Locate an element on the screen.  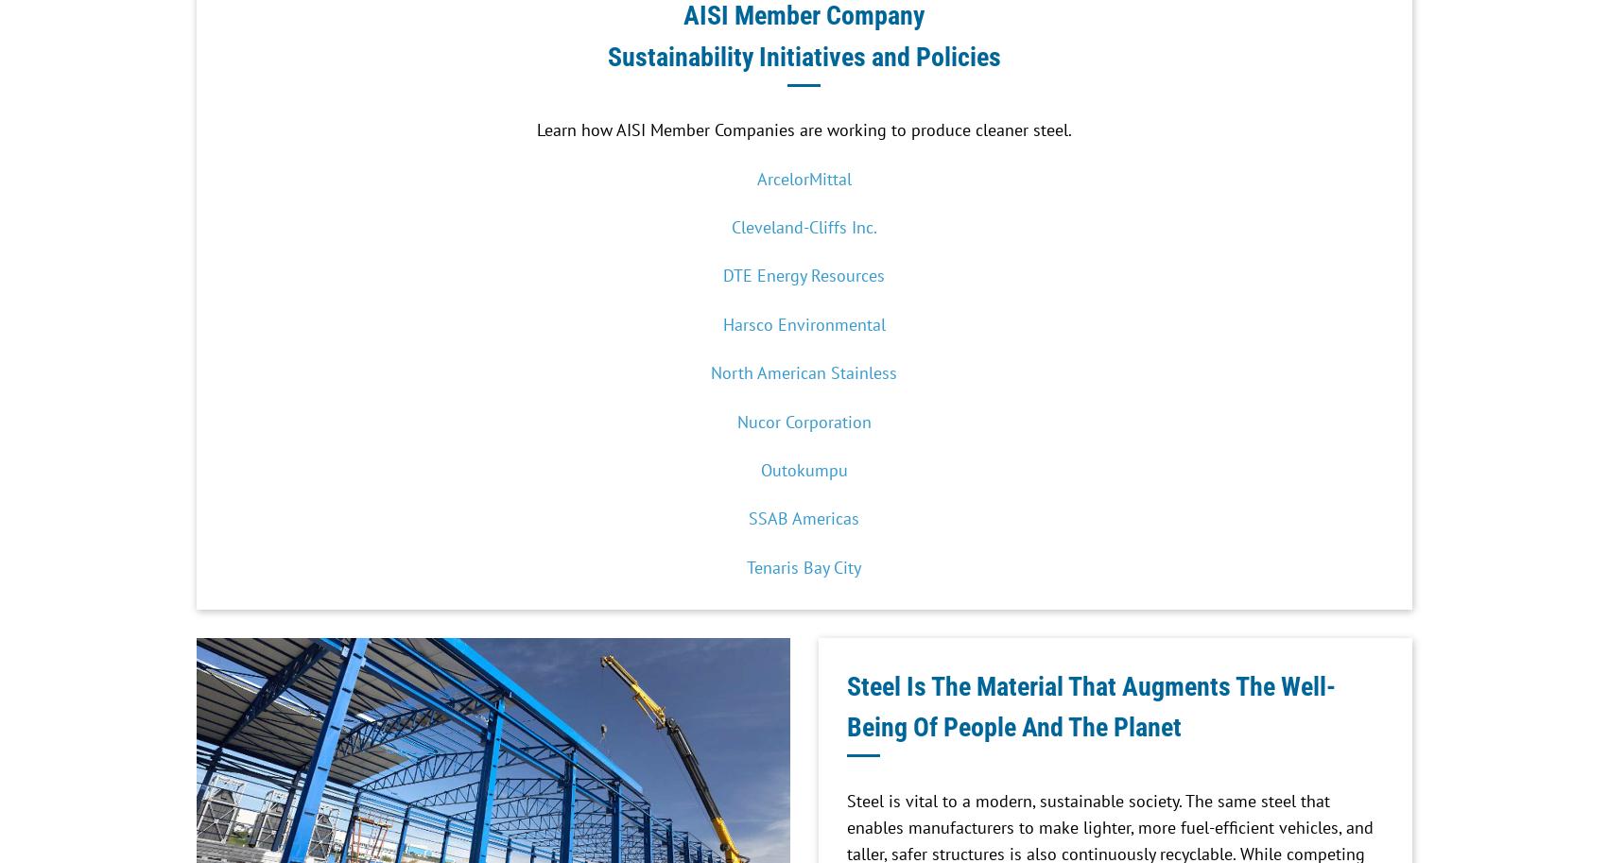
'Steel Is The Material That Augments The Well-Being Of People And The Planet' is located at coordinates (1089, 706).